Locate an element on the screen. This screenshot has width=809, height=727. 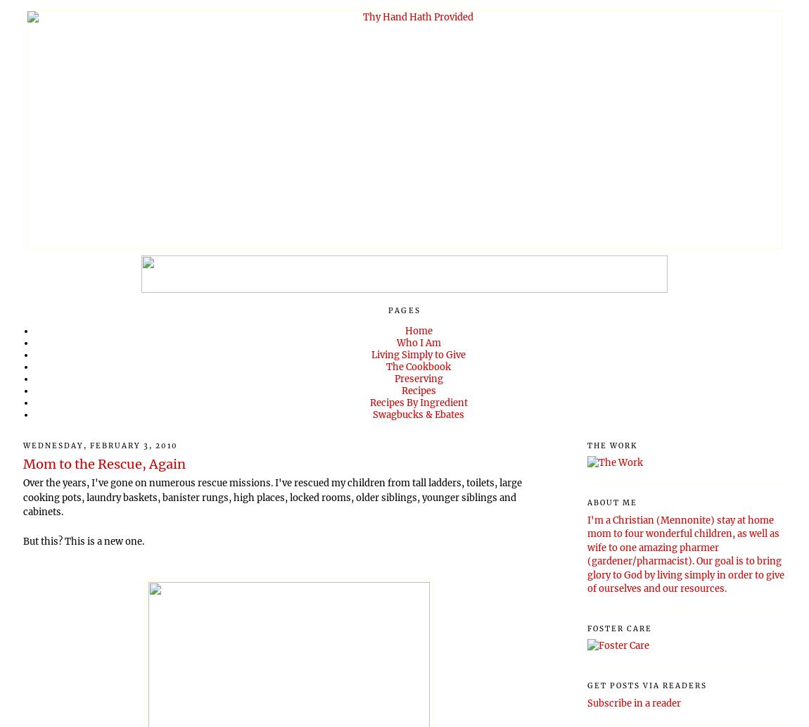
'Preserving' is located at coordinates (417, 378).